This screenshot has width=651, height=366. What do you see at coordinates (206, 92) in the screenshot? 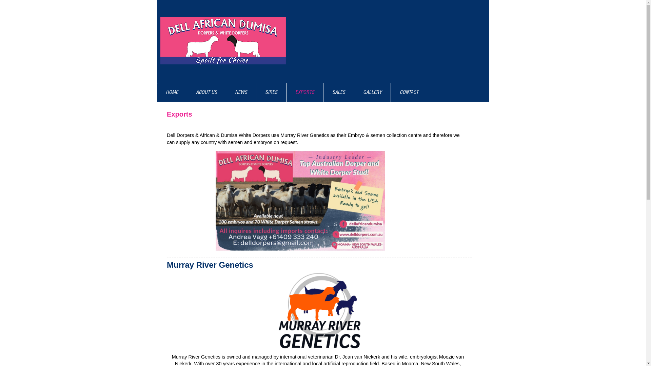
I see `'ABOUT US'` at bounding box center [206, 92].